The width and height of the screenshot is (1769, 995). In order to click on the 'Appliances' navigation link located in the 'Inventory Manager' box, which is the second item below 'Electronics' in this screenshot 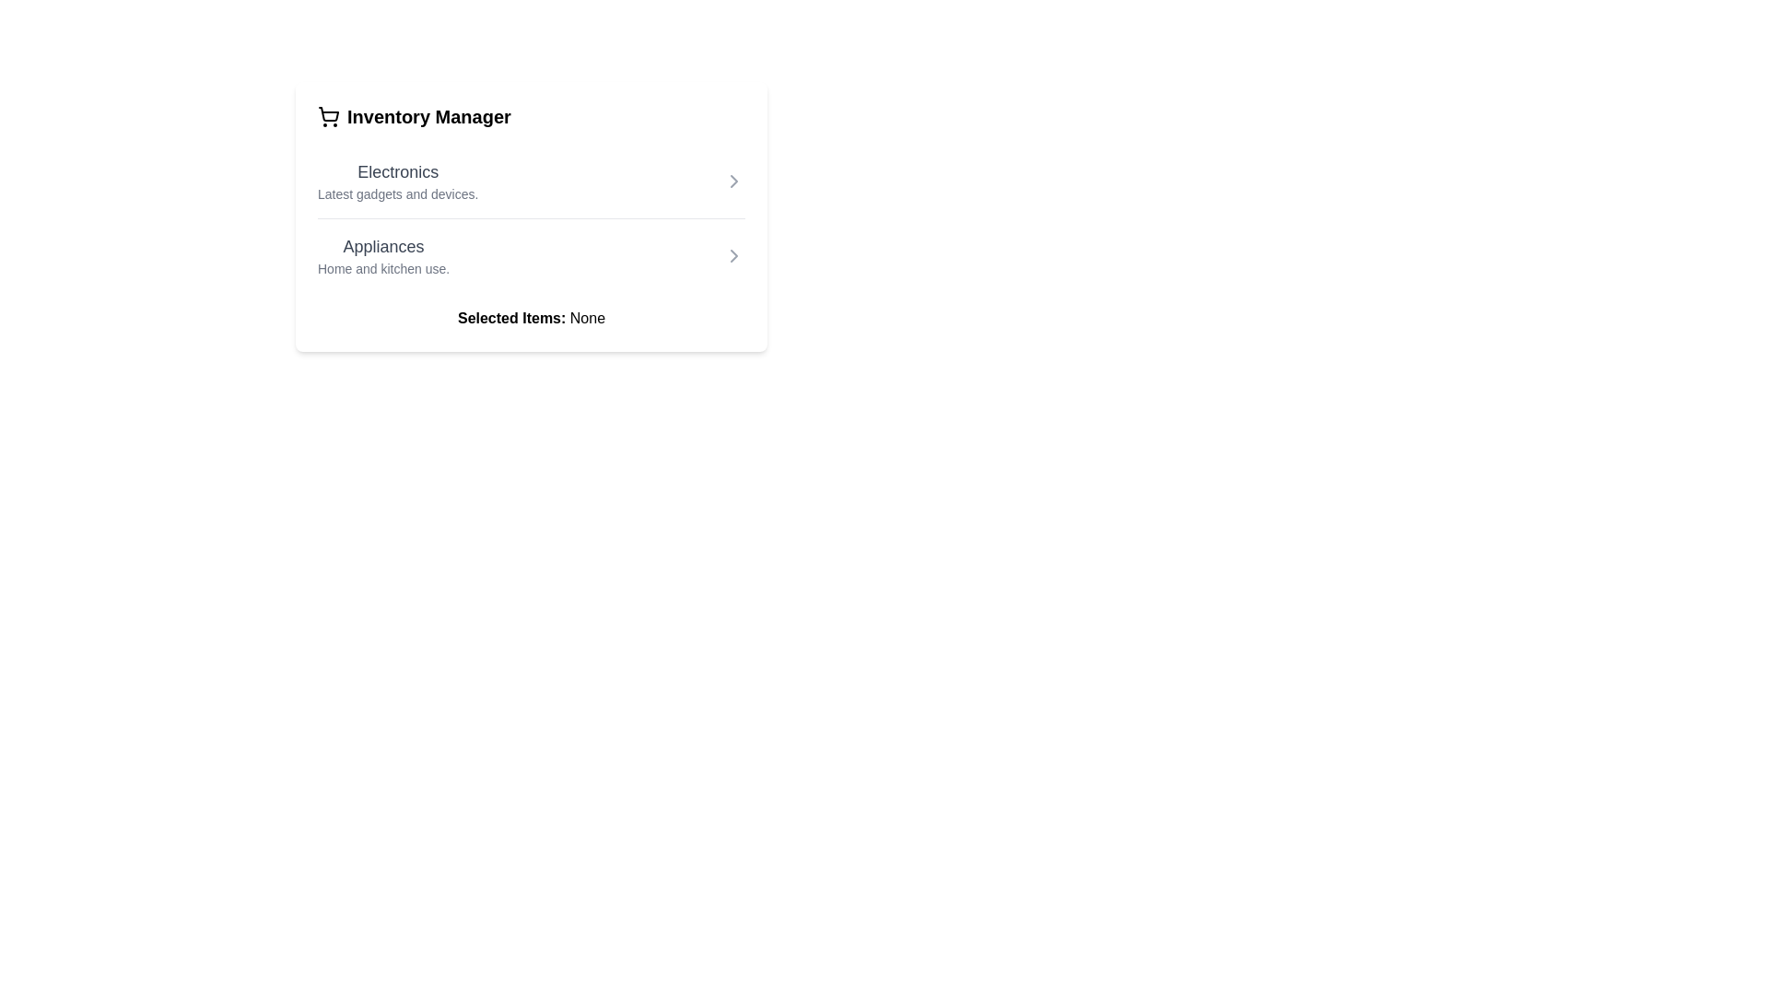, I will do `click(530, 255)`.